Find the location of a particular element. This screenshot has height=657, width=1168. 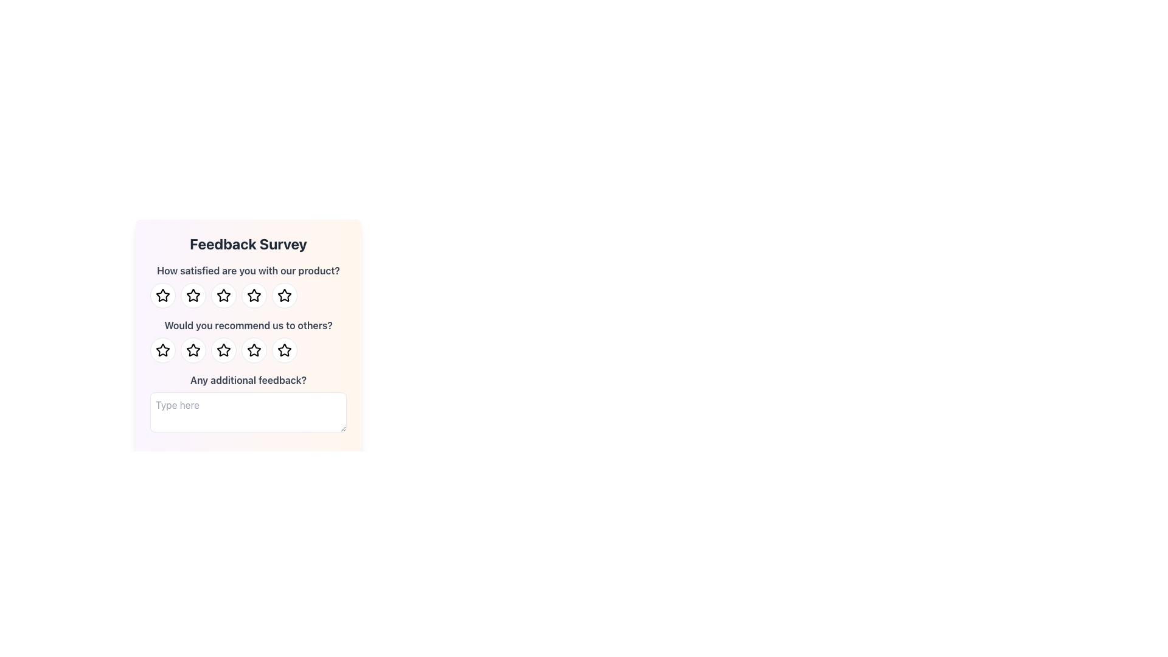

the second star icon in the top rating row under the question 'How satisfied are you with our product?' is located at coordinates (192, 295).